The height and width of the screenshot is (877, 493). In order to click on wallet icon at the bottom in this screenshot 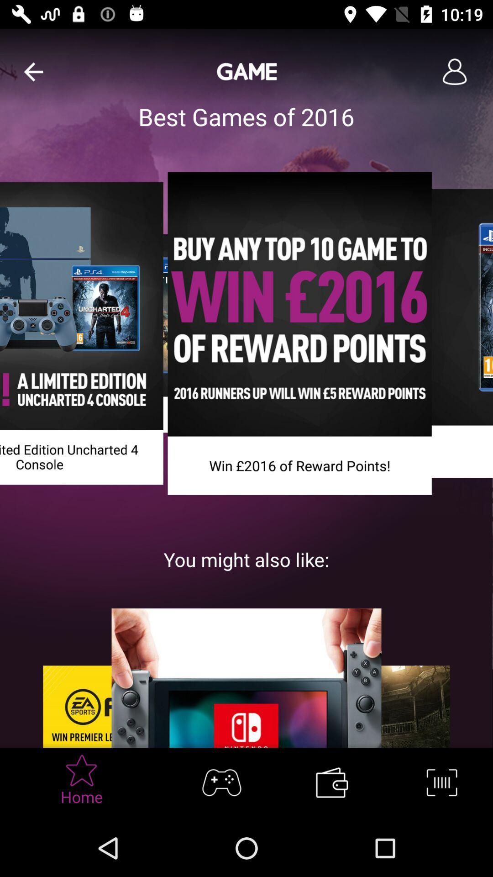, I will do `click(331, 782)`.